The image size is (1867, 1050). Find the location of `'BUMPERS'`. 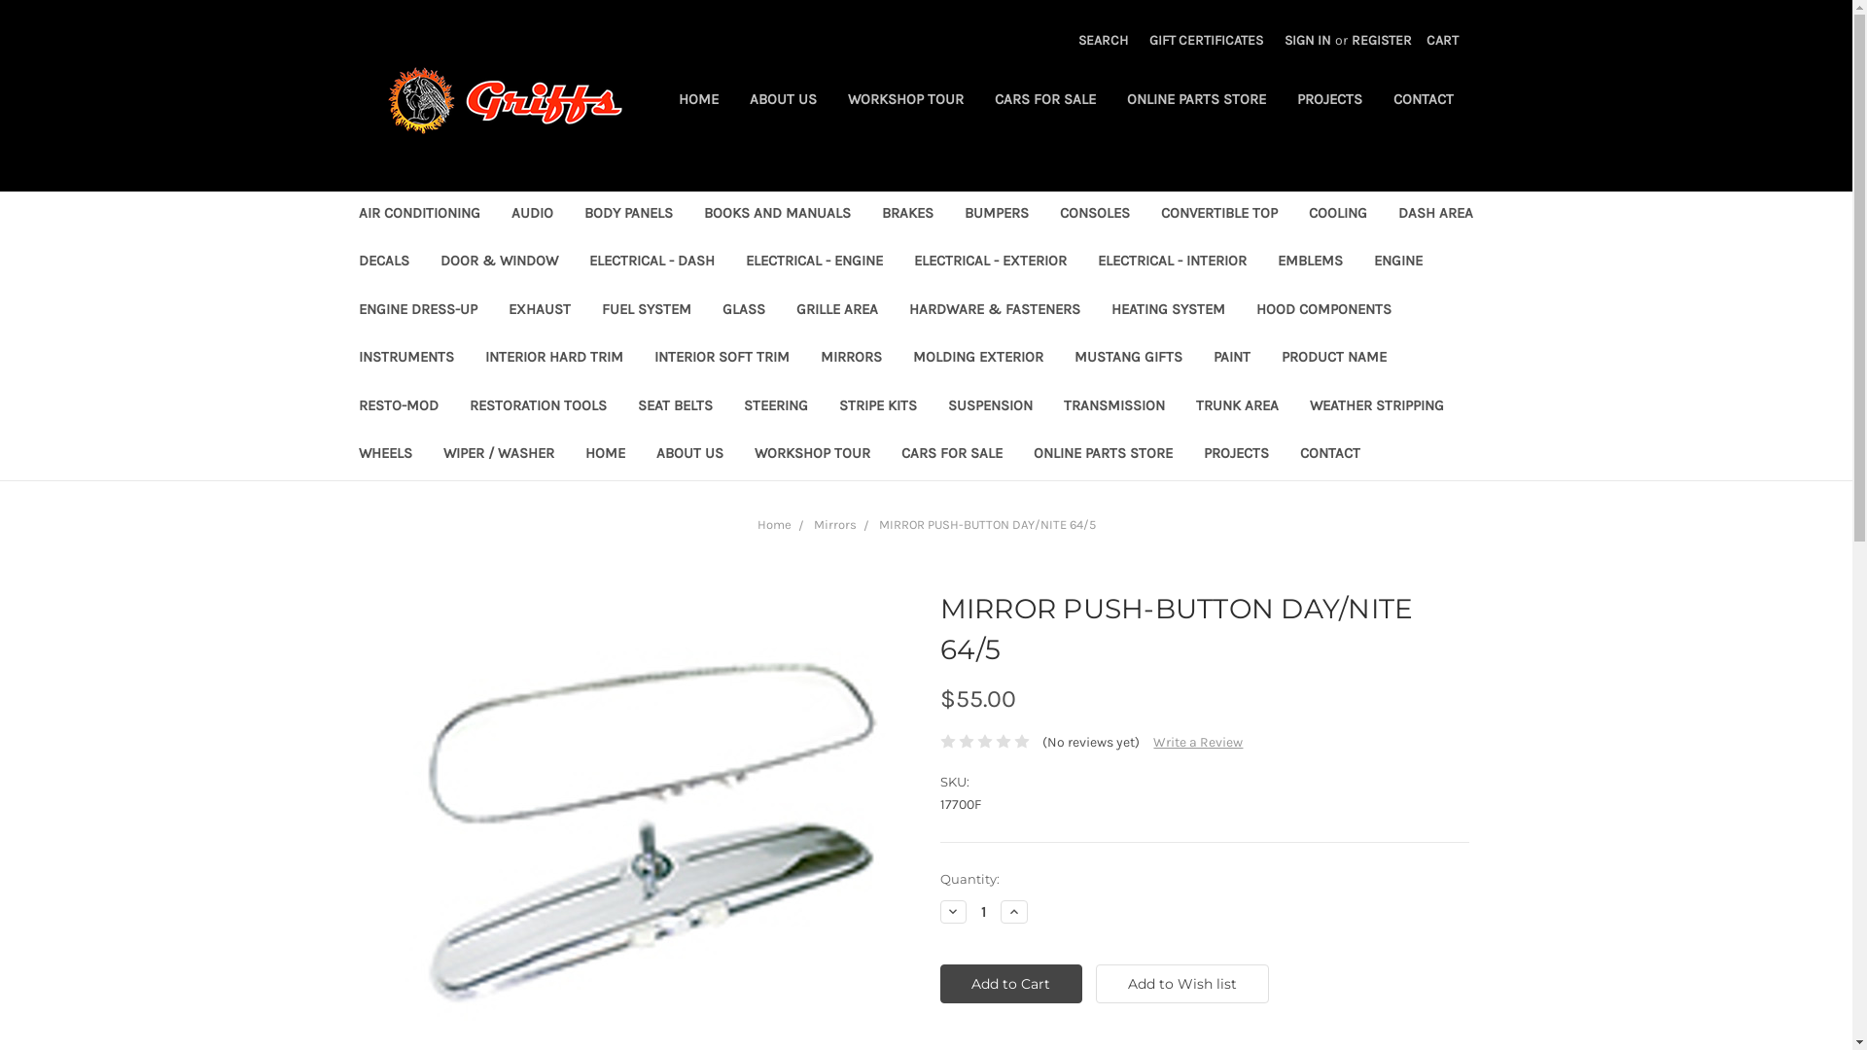

'BUMPERS' is located at coordinates (948, 215).